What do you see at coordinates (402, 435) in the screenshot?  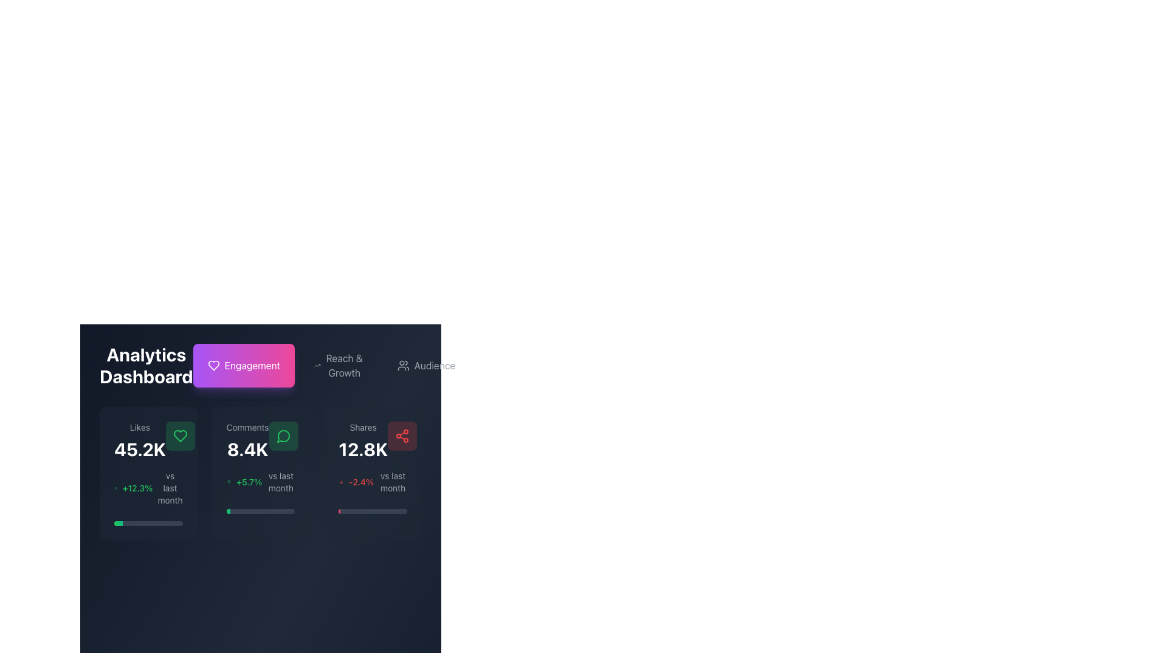 I see `the red share icon representing a network structure within the 'Shares' card of the analytics dashboard` at bounding box center [402, 435].